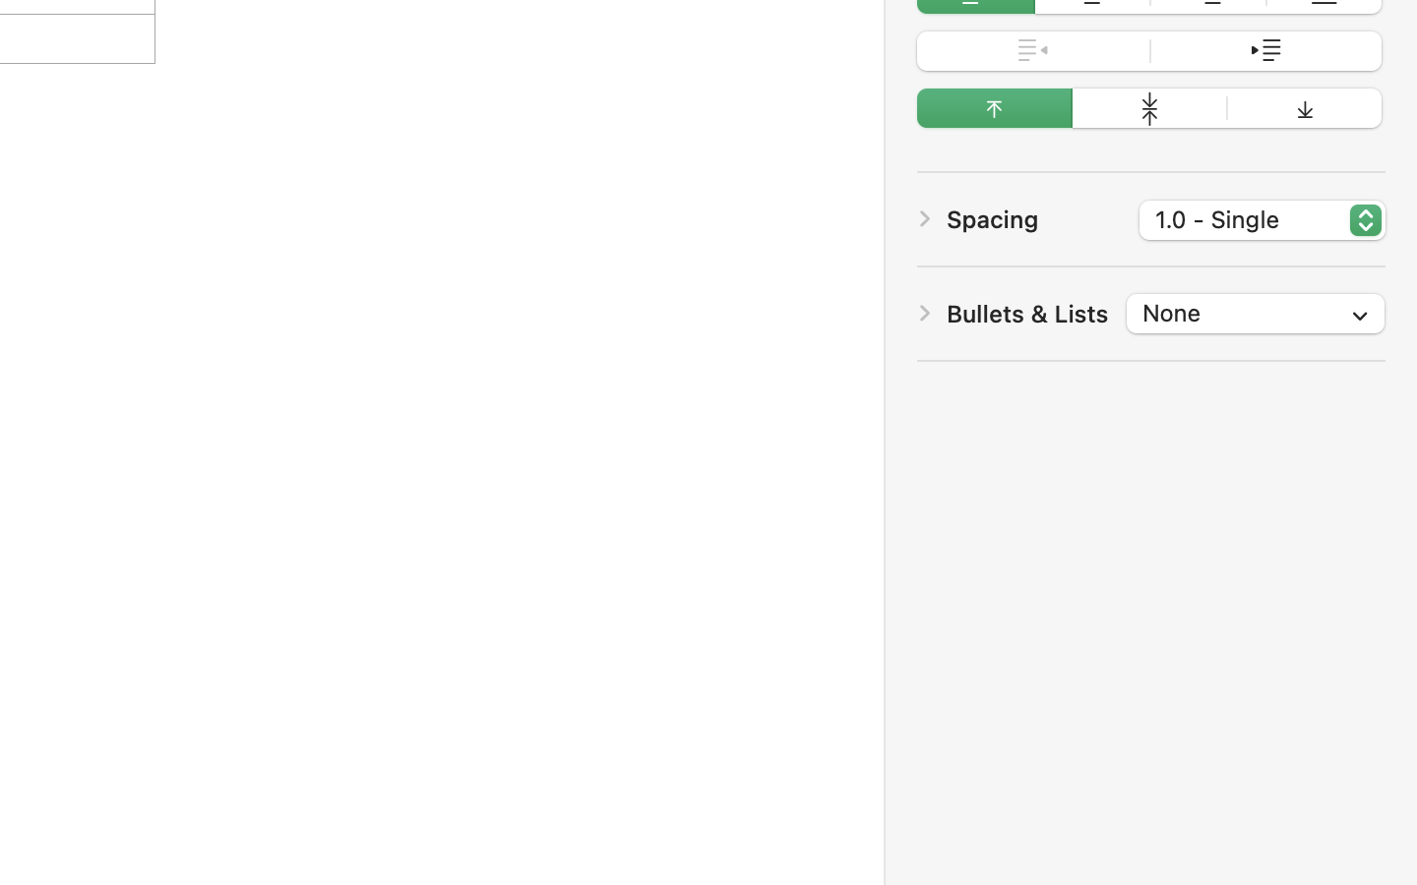  I want to click on 'Spacing', so click(992, 219).